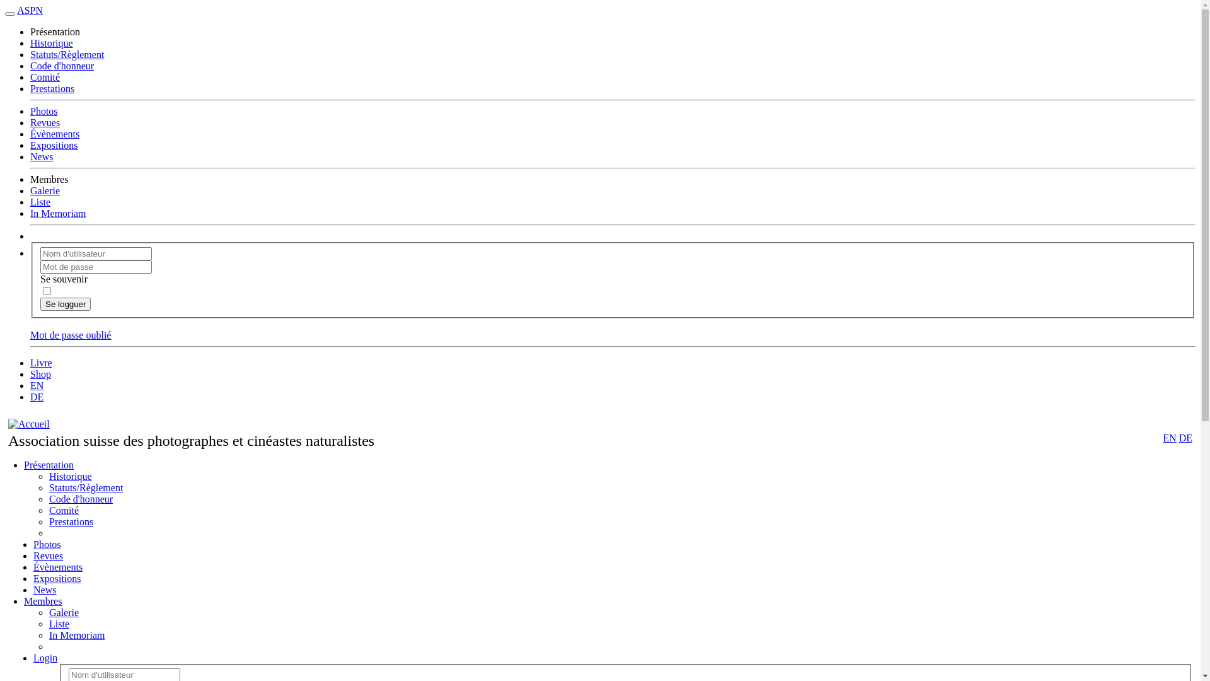  What do you see at coordinates (65, 304) in the screenshot?
I see `'Se logguer'` at bounding box center [65, 304].